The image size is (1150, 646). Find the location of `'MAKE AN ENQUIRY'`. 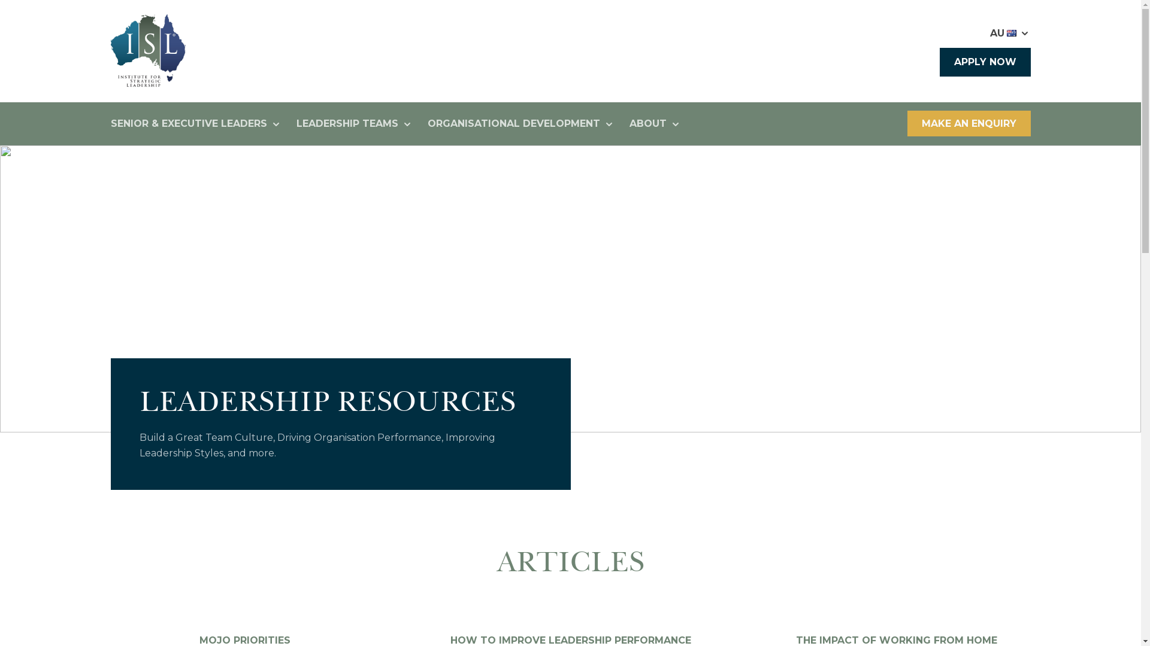

'MAKE AN ENQUIRY' is located at coordinates (969, 123).